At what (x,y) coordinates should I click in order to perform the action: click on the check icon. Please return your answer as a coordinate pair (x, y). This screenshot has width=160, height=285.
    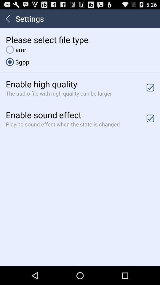
    Looking at the image, I should click on (150, 94).